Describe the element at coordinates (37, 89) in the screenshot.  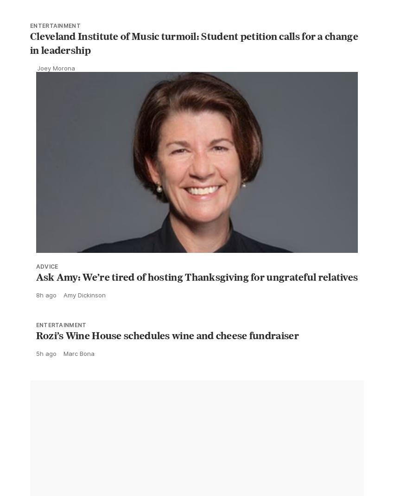
I see `'Joey Morona'` at that location.